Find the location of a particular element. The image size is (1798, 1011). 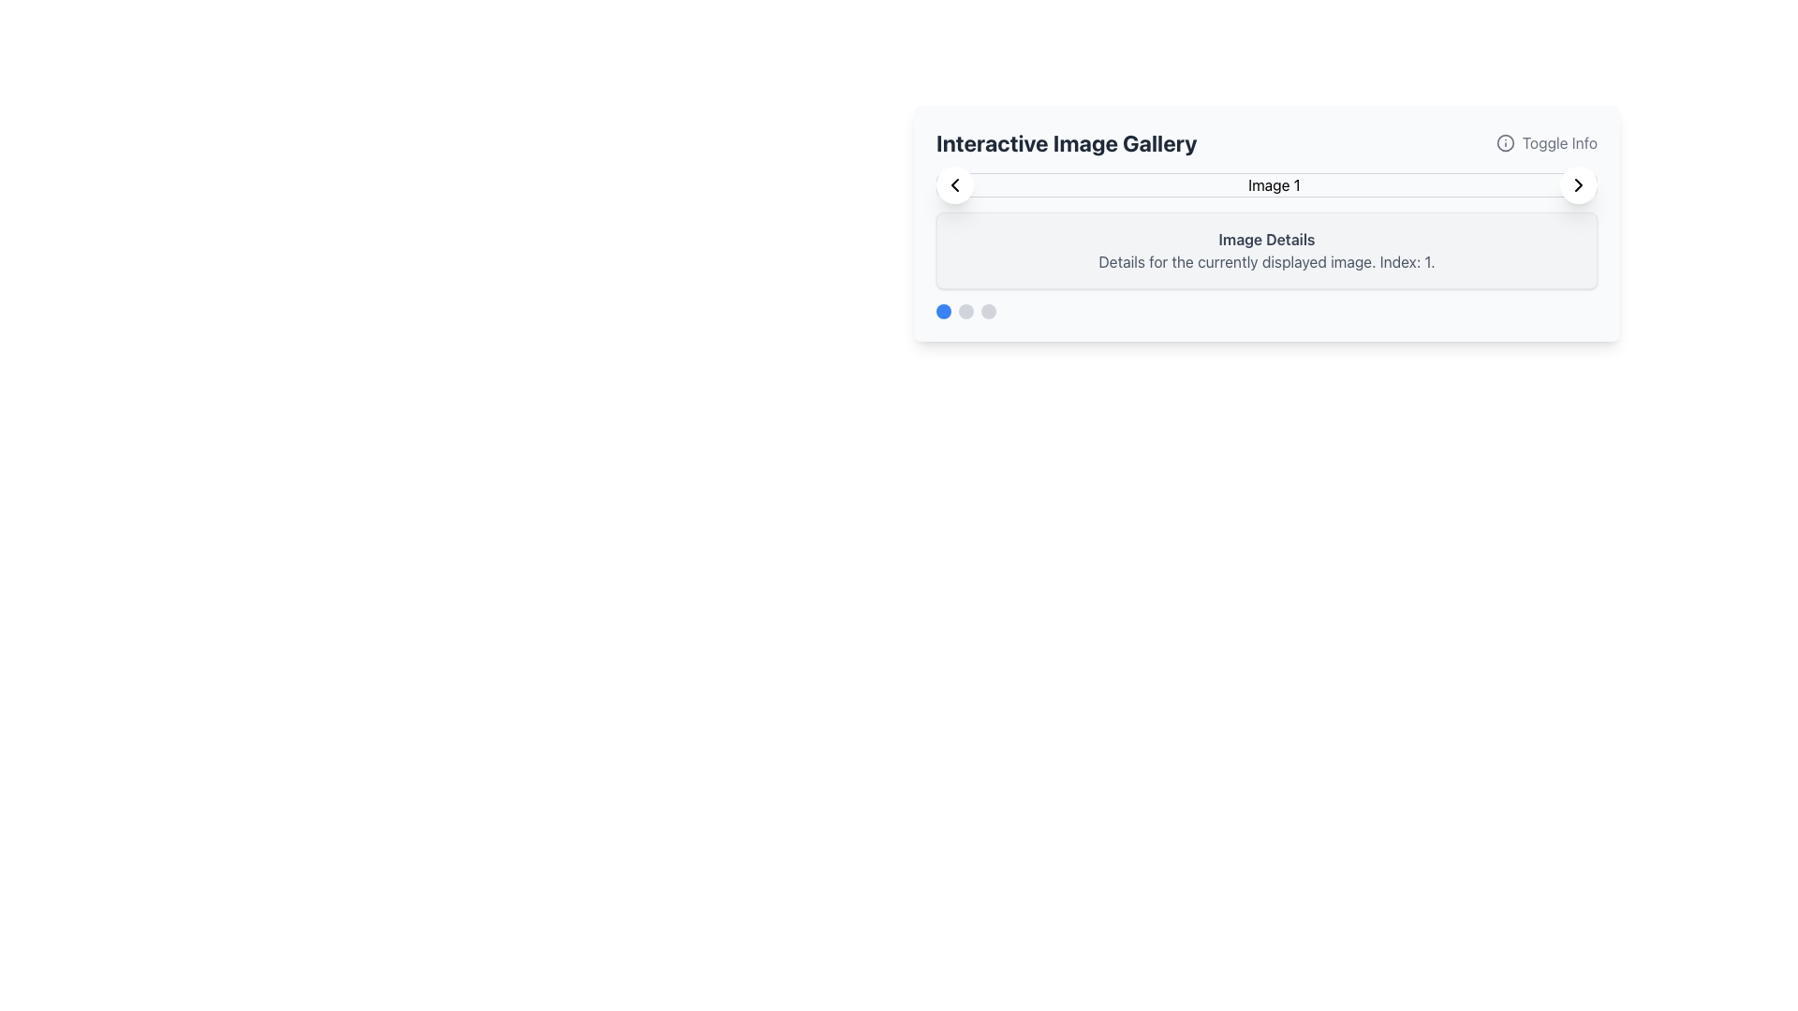

the leftward-pointing chevron icon located in the interactive image gallery navigation bar is located at coordinates (954, 184).